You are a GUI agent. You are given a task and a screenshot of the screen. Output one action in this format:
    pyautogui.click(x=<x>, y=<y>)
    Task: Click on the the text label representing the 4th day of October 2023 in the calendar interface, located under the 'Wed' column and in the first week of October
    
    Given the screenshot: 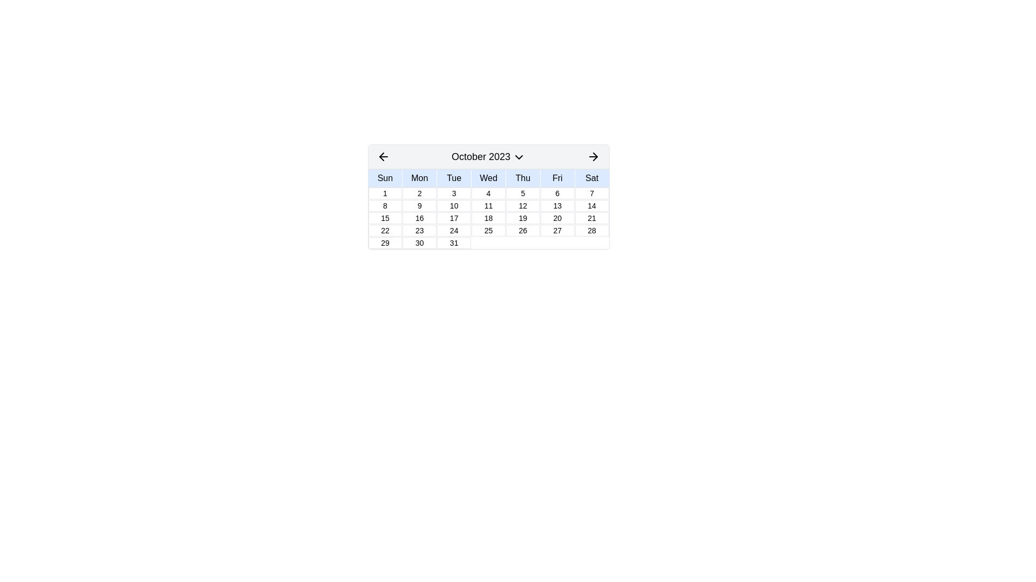 What is the action you would take?
    pyautogui.click(x=488, y=192)
    